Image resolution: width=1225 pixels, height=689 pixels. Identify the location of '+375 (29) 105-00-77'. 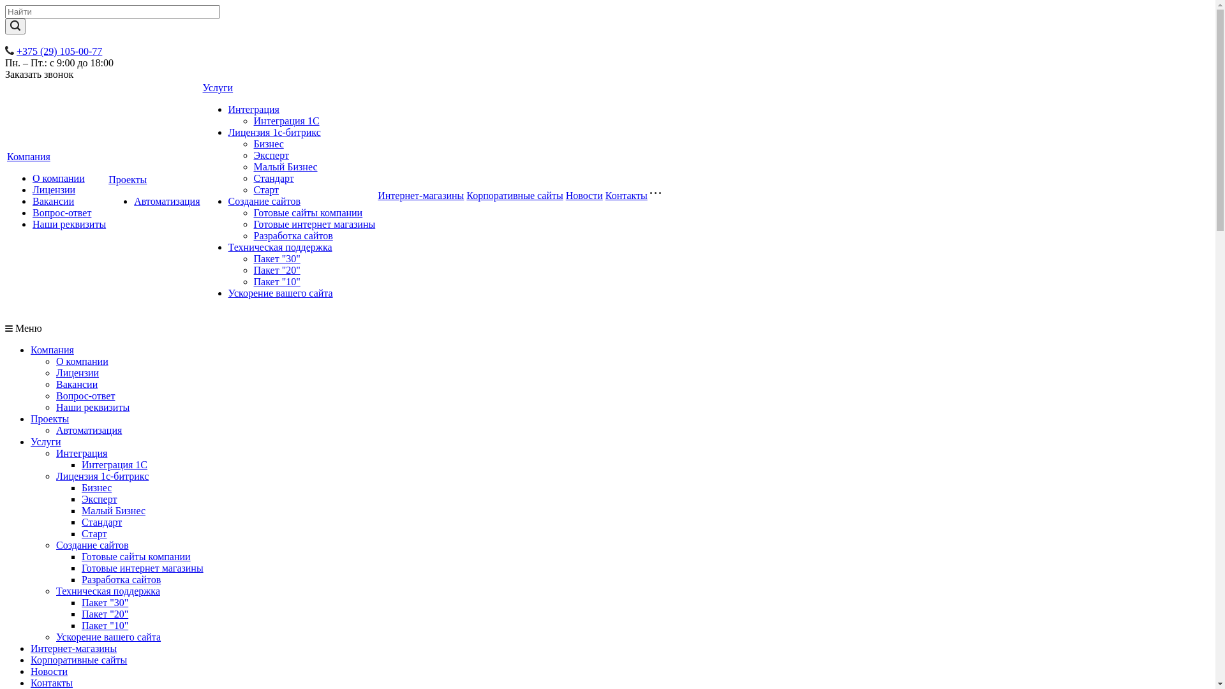
(16, 50).